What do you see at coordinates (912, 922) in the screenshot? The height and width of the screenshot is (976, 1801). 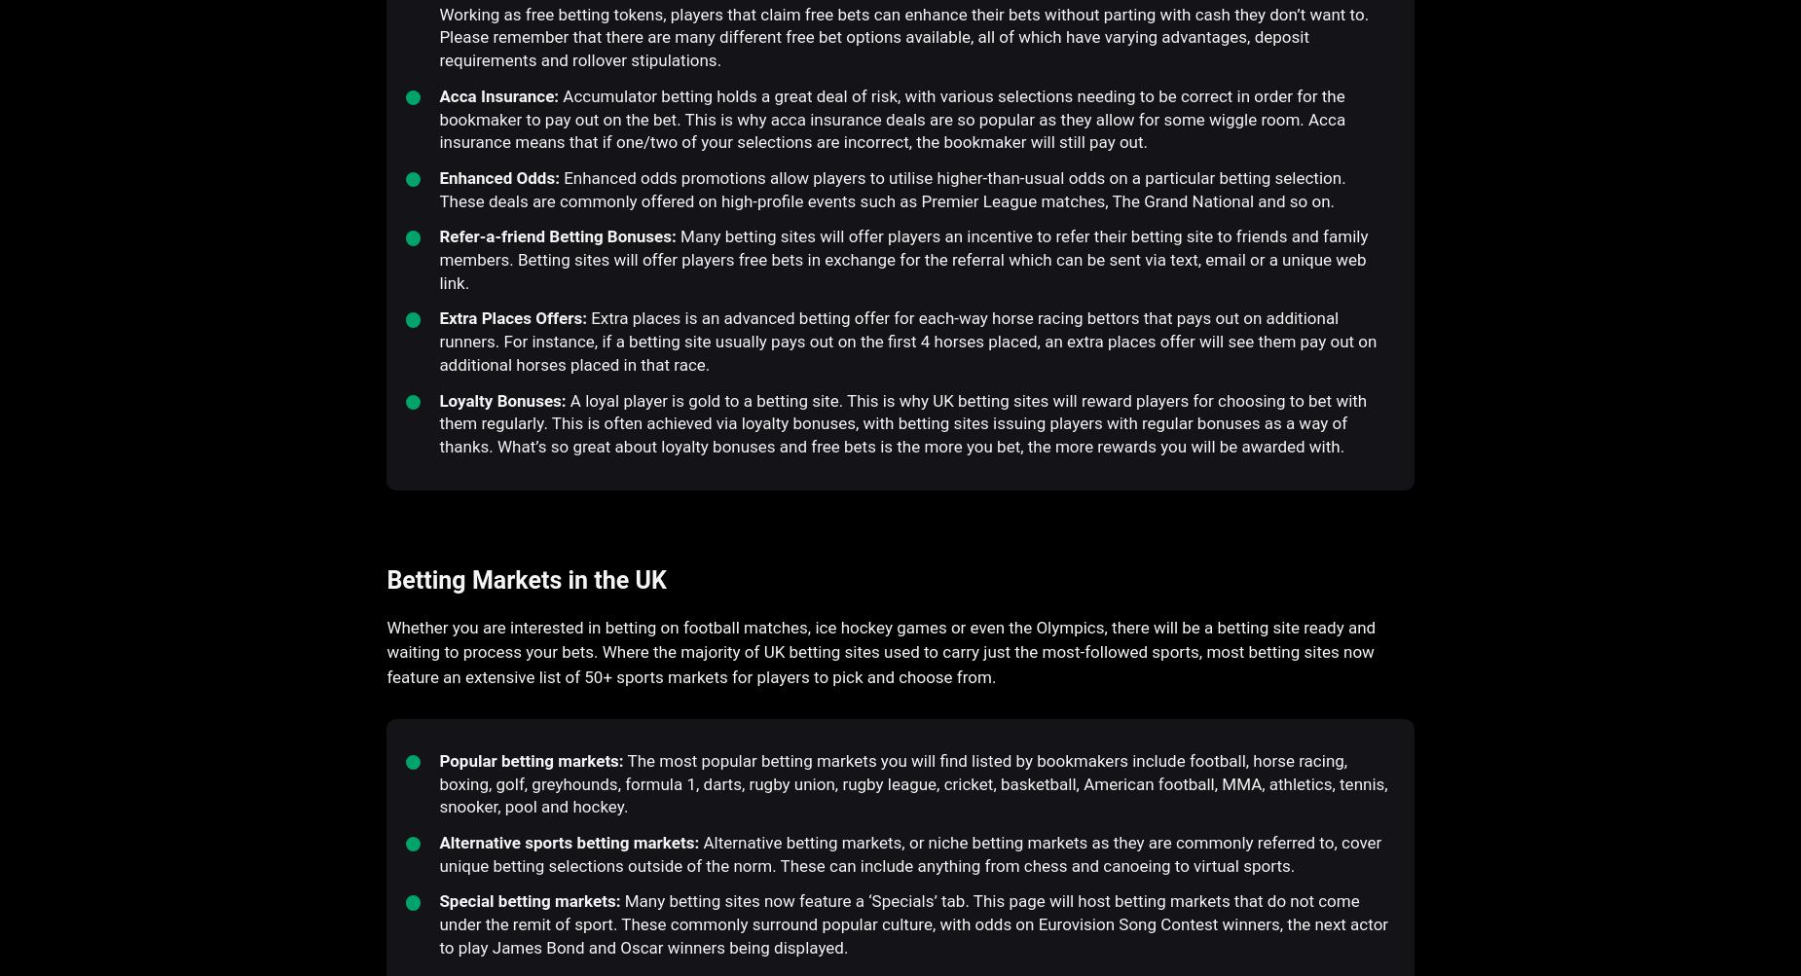 I see `'Many betting sites now feature a ‘Specials’ tab. This page will host betting markets that do not come under the remit of sport. These commonly surround popular culture, with odds on Eurovision Song Contest winners, the next actor to play James Bond and Oscar winners being displayed.'` at bounding box center [912, 922].